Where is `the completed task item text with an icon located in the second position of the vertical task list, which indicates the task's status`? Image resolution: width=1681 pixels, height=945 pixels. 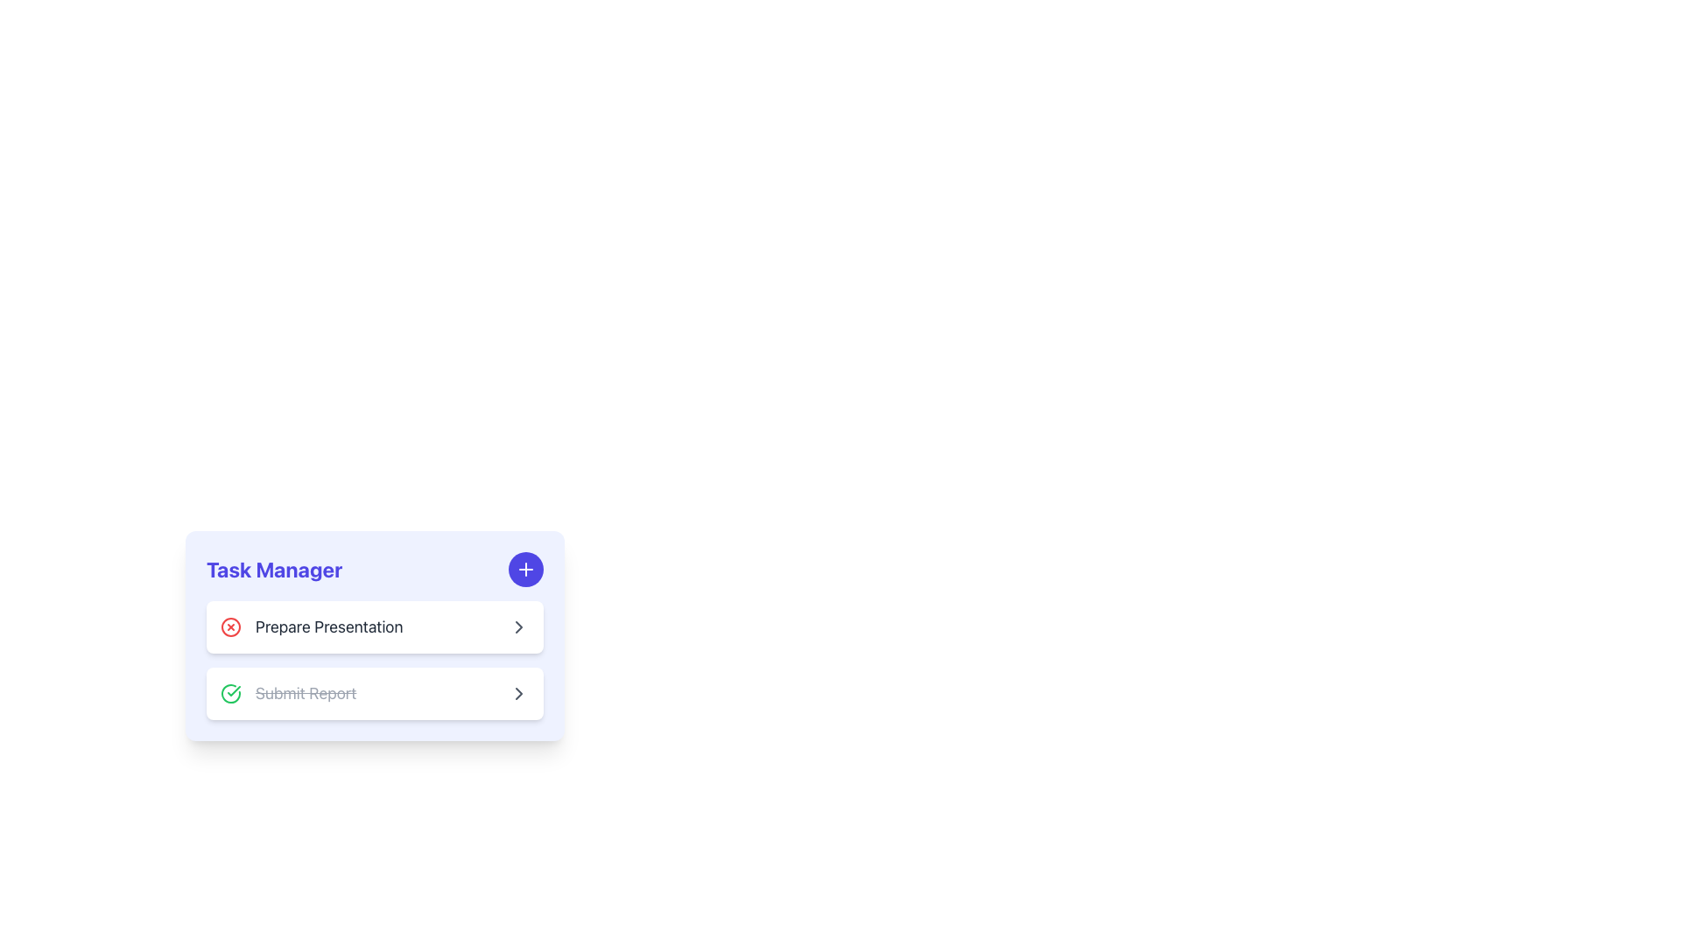 the completed task item text with an icon located in the second position of the vertical task list, which indicates the task's status is located at coordinates (288, 693).